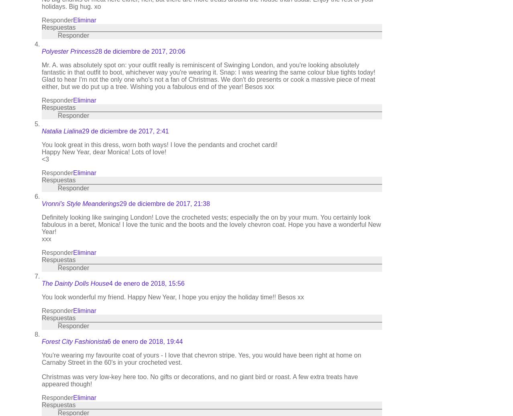 The height and width of the screenshot is (416, 513). What do you see at coordinates (201, 359) in the screenshot?
I see `'You're wearing my favourite coat of yours - I love that chevron stripe.  Yes, you would have been right at home on Carnaby Street in the 60's in your crocheted vest.'` at bounding box center [201, 359].